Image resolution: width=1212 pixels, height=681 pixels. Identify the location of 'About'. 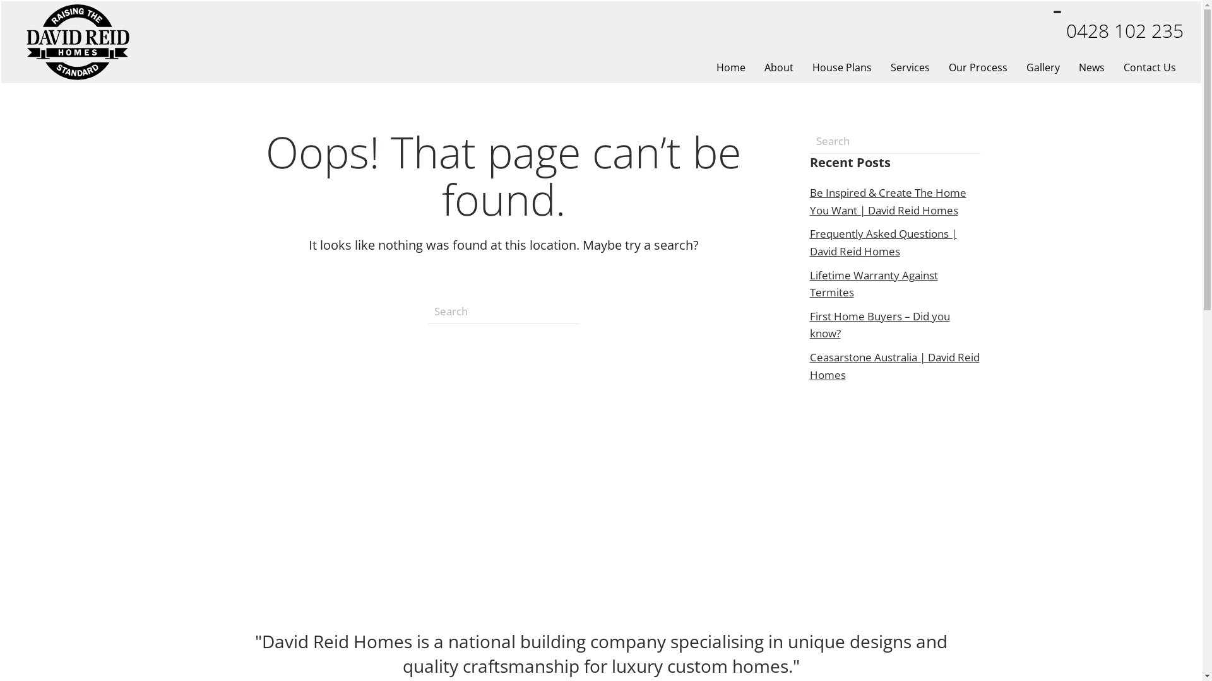
(763, 67).